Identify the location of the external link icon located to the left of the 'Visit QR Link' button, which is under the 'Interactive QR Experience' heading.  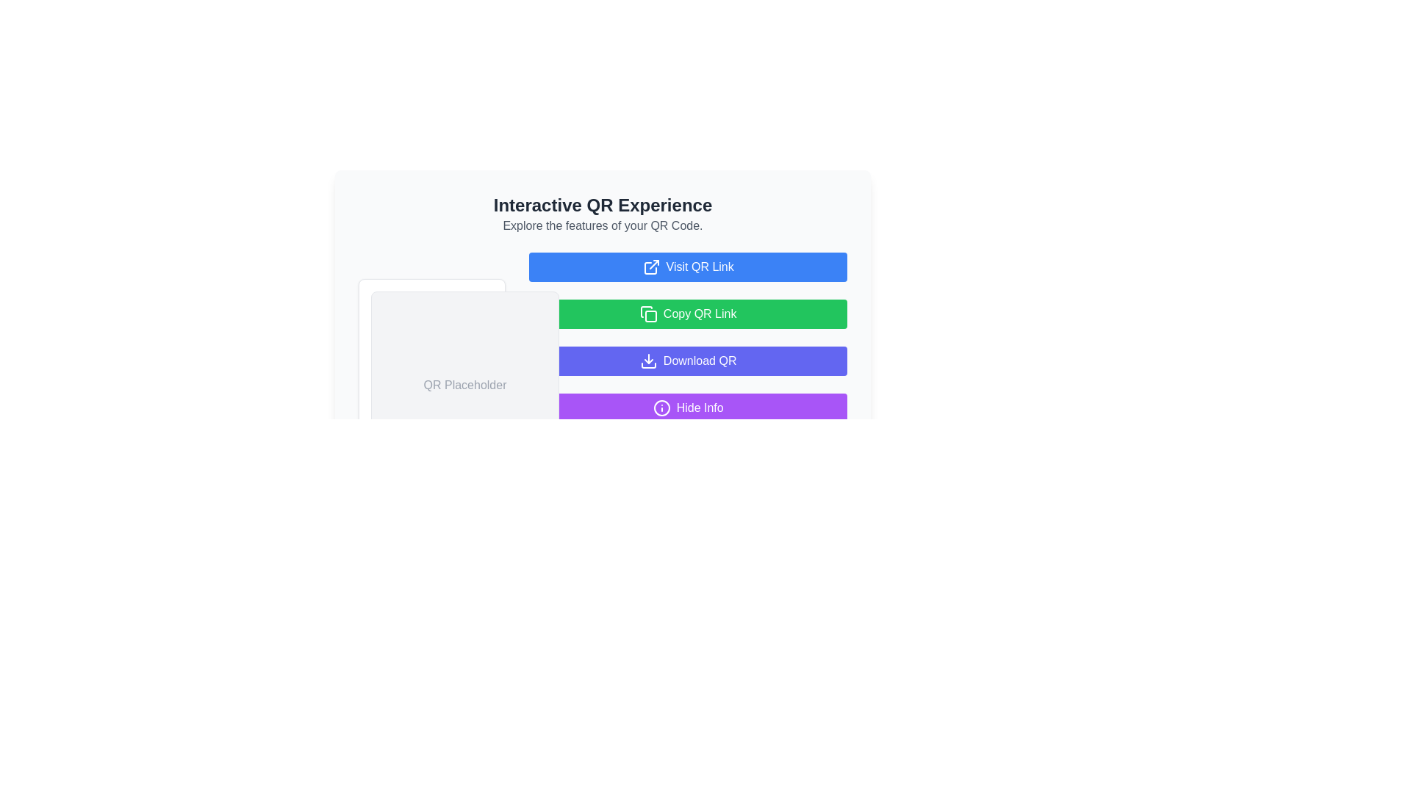
(650, 267).